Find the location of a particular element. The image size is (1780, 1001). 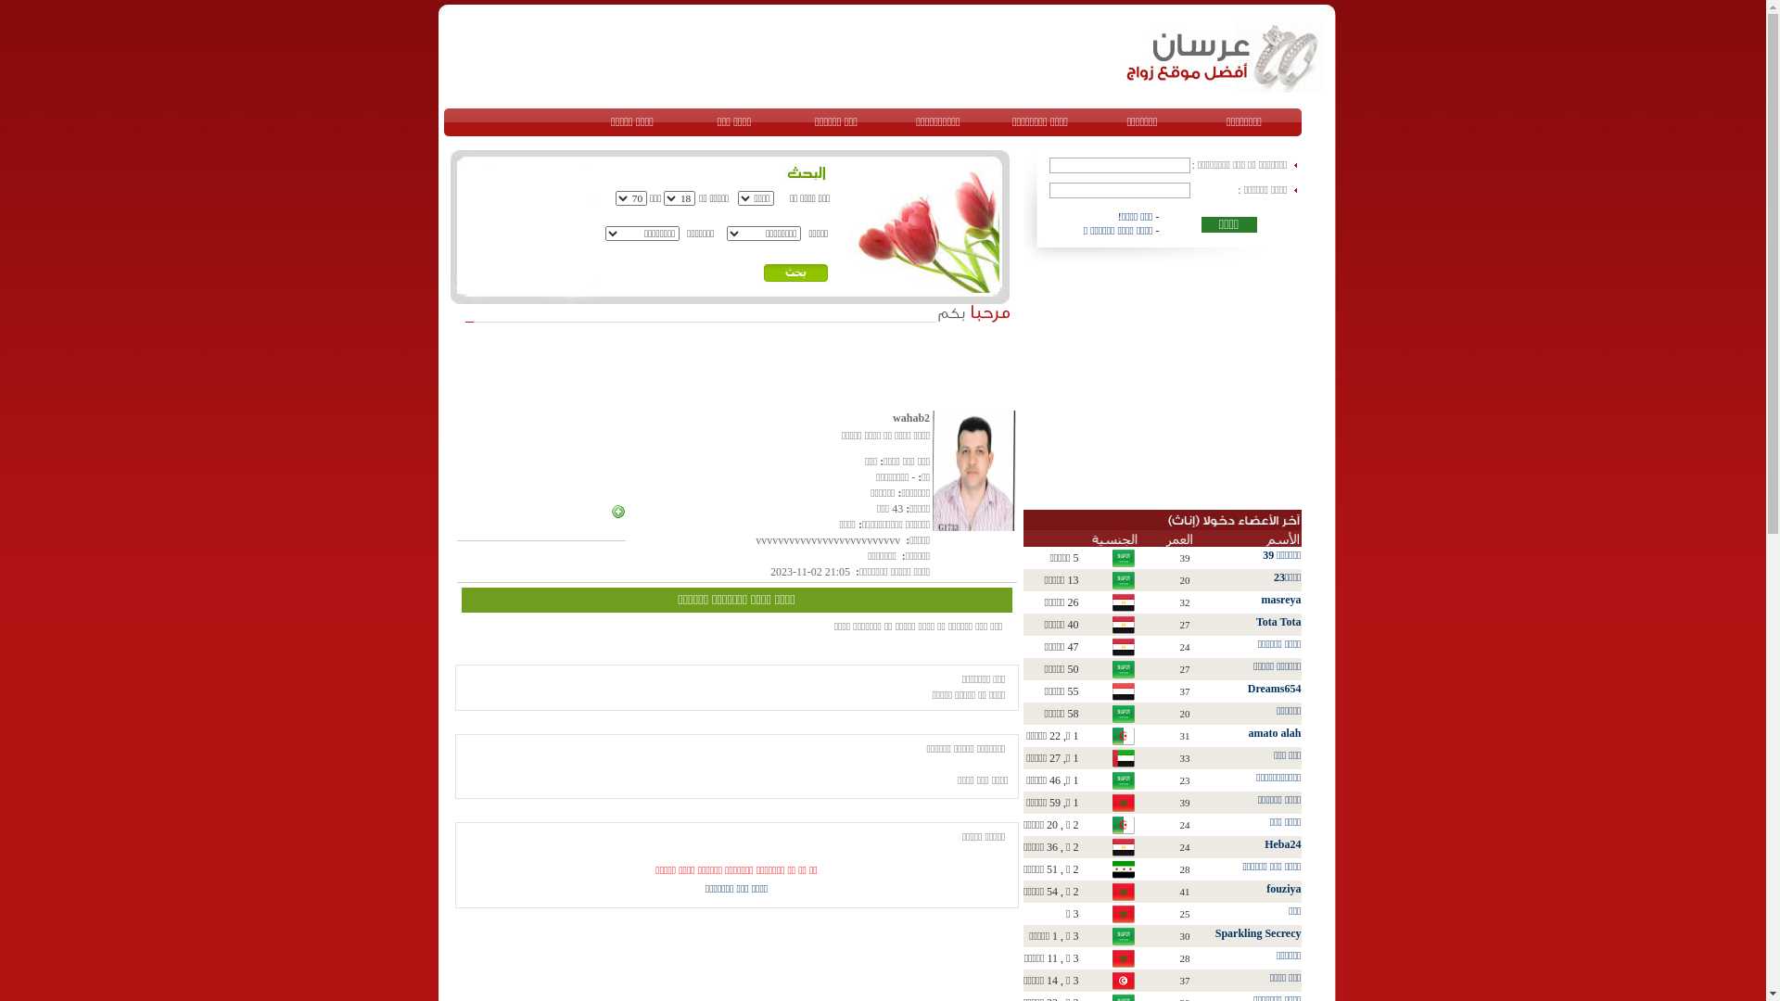

'Tota Tota' is located at coordinates (1278, 622).